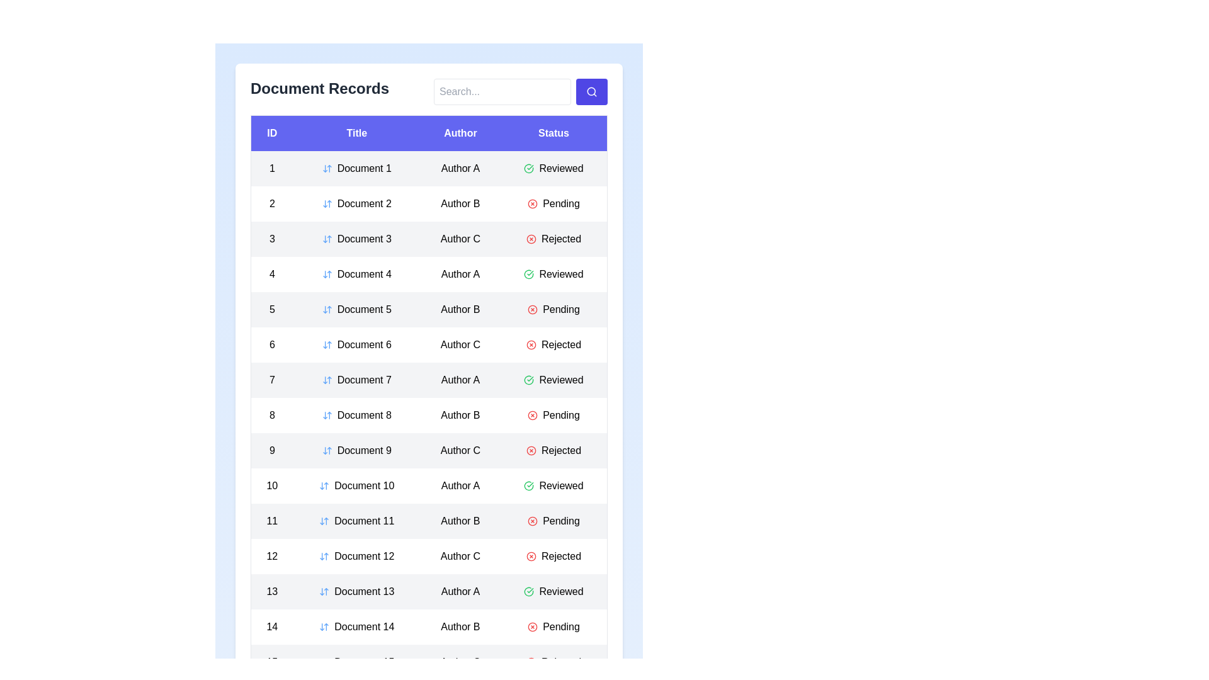 Image resolution: width=1209 pixels, height=680 pixels. What do you see at coordinates (591, 91) in the screenshot?
I see `the search button to initiate a search` at bounding box center [591, 91].